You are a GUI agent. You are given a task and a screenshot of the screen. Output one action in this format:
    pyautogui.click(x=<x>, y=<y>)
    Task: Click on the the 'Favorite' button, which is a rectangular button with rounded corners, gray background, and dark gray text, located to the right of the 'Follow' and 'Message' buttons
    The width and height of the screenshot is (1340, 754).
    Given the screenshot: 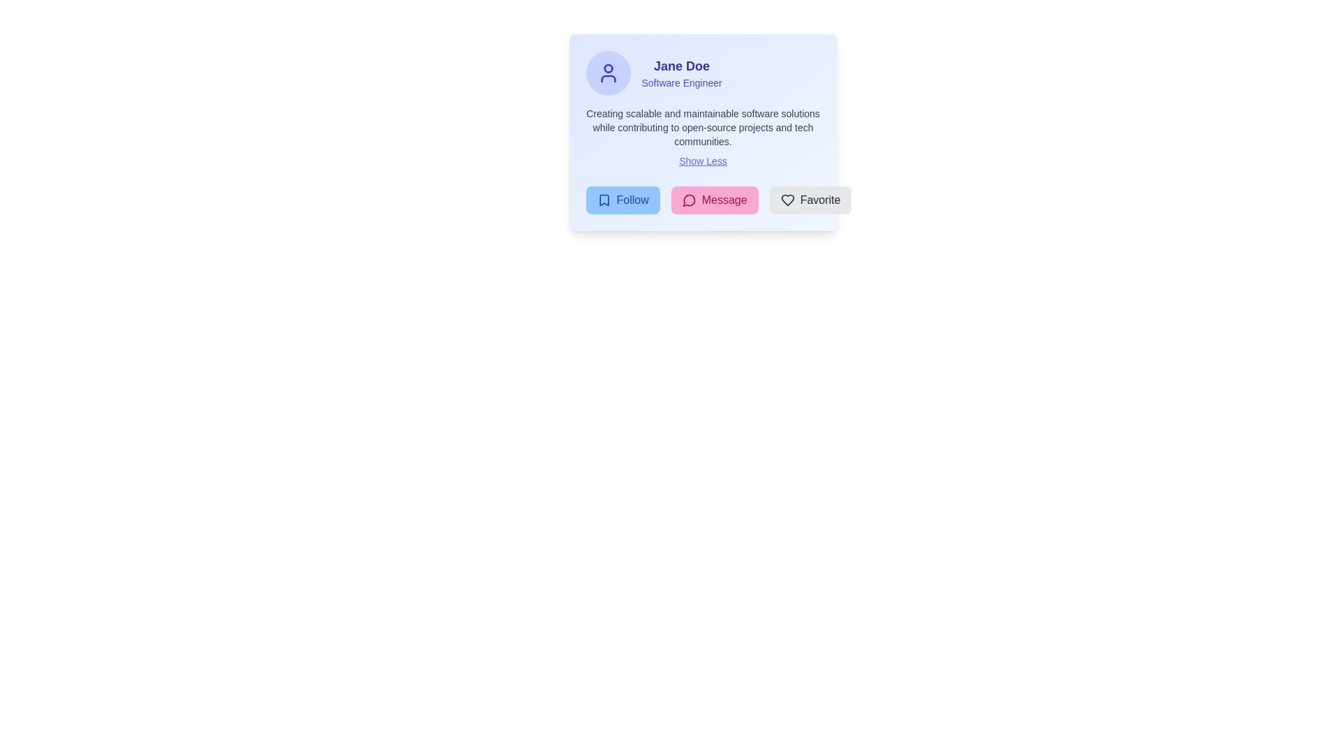 What is the action you would take?
    pyautogui.click(x=810, y=200)
    